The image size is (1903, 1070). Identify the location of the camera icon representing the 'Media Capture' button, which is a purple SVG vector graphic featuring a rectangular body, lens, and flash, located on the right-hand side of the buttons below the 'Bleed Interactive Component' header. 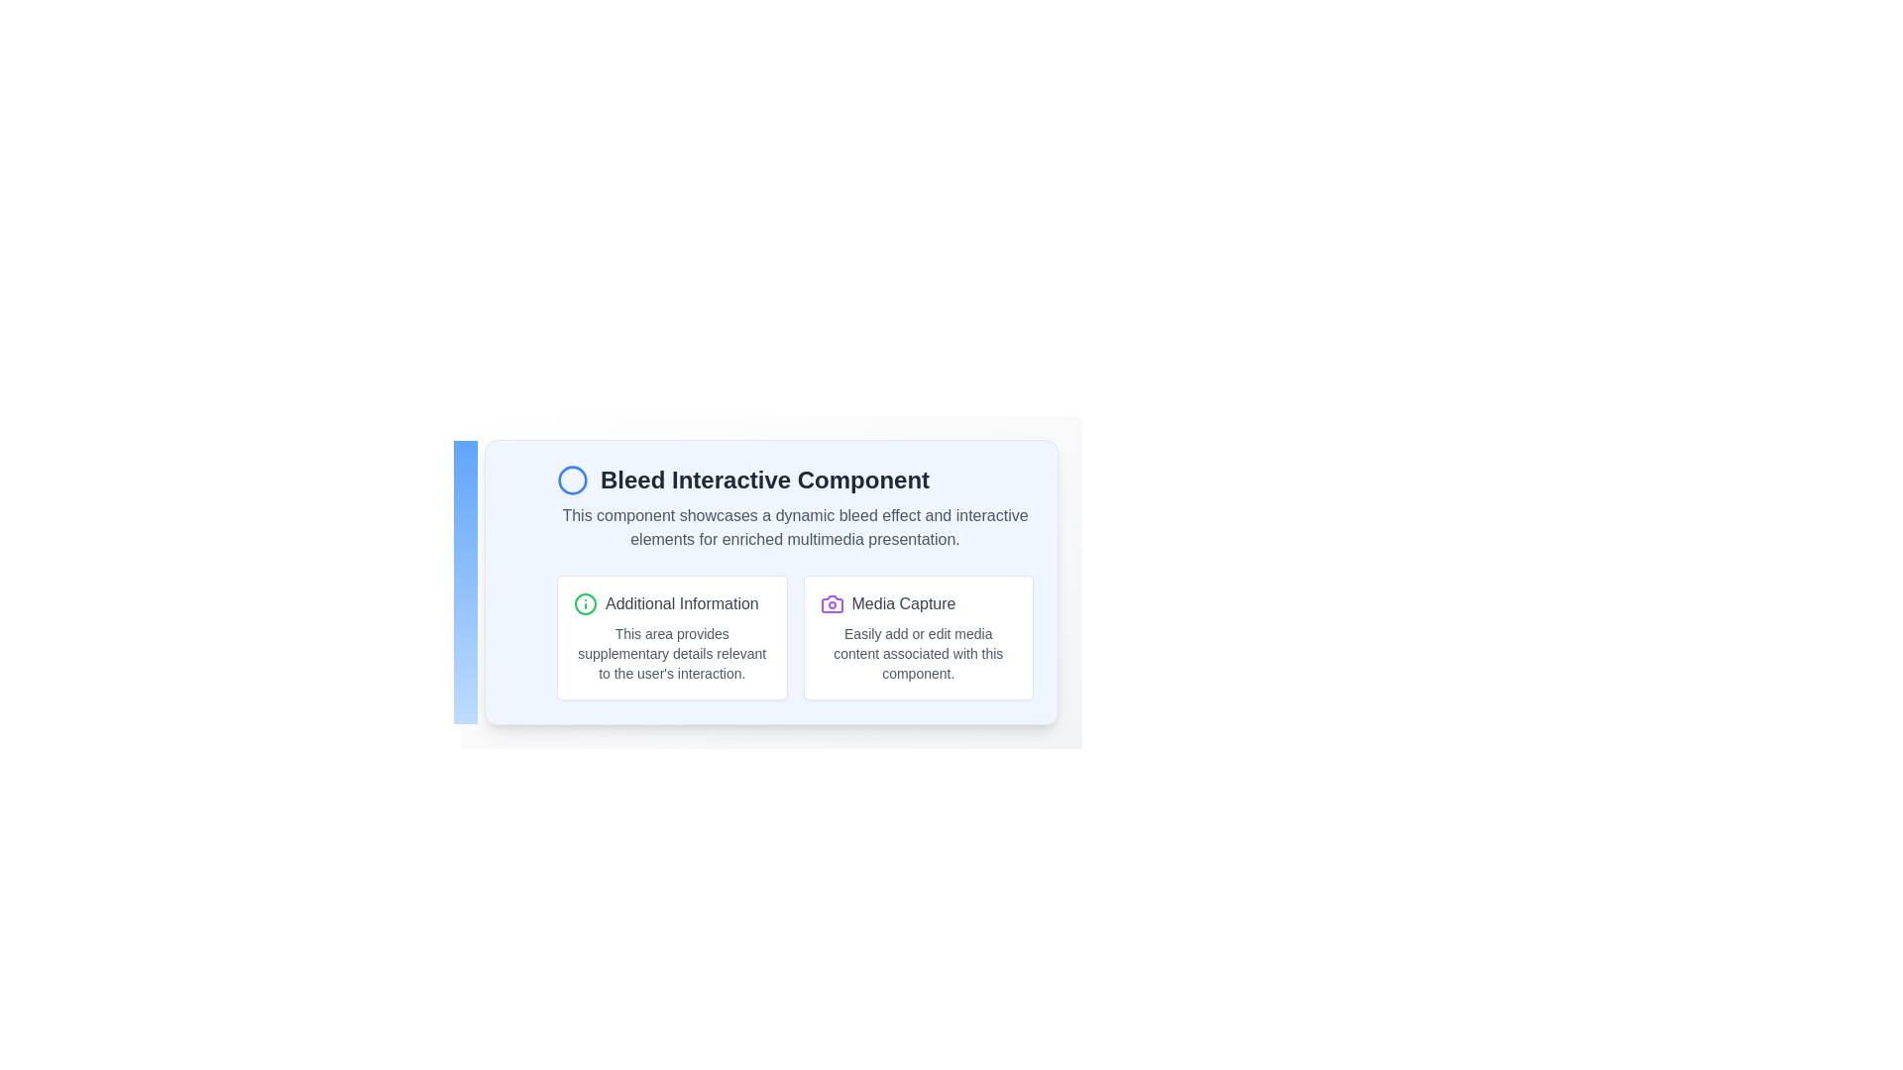
(832, 602).